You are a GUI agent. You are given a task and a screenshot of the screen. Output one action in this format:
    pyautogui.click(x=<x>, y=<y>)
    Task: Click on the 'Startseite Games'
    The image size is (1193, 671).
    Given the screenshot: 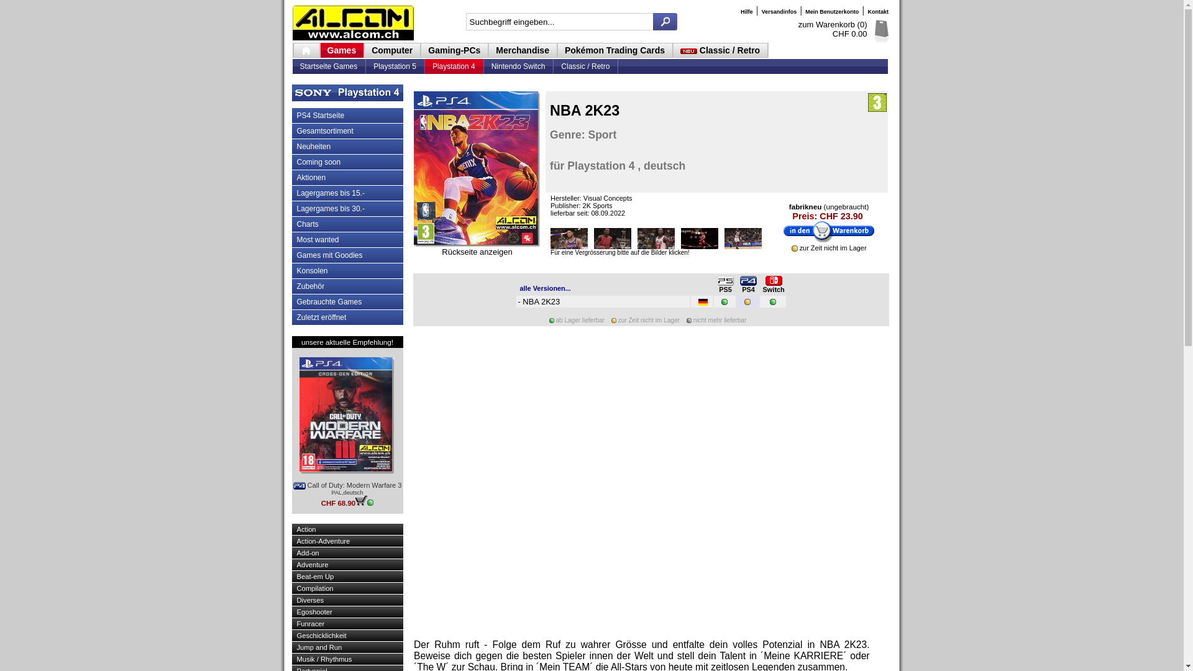 What is the action you would take?
    pyautogui.click(x=328, y=66)
    